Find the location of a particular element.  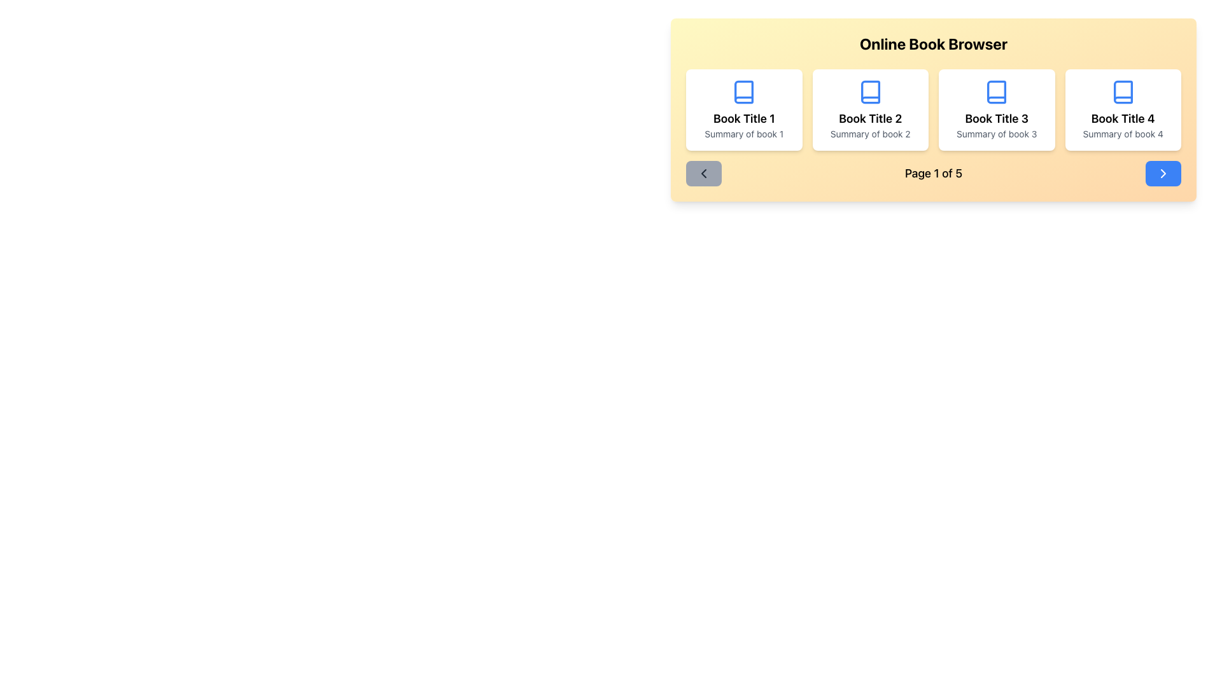

the book icon associated with 'Book Title 1' located in the second card of the horizontally scrollable list is located at coordinates (744, 92).